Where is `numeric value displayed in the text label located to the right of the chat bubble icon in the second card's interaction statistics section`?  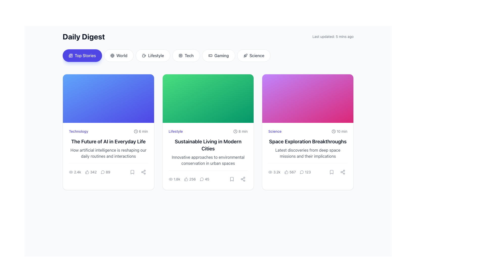 numeric value displayed in the text label located to the right of the chat bubble icon in the second card's interaction statistics section is located at coordinates (207, 179).